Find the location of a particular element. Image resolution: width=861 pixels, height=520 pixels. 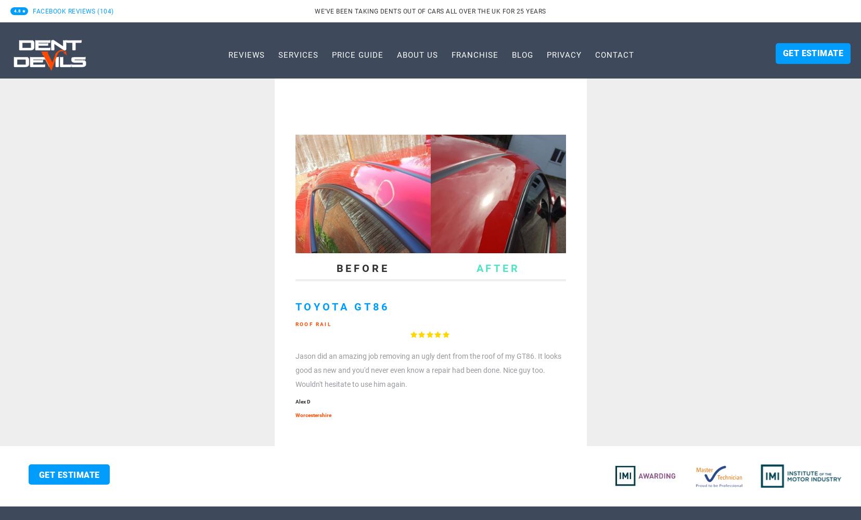

'Privacy' is located at coordinates (546, 54).